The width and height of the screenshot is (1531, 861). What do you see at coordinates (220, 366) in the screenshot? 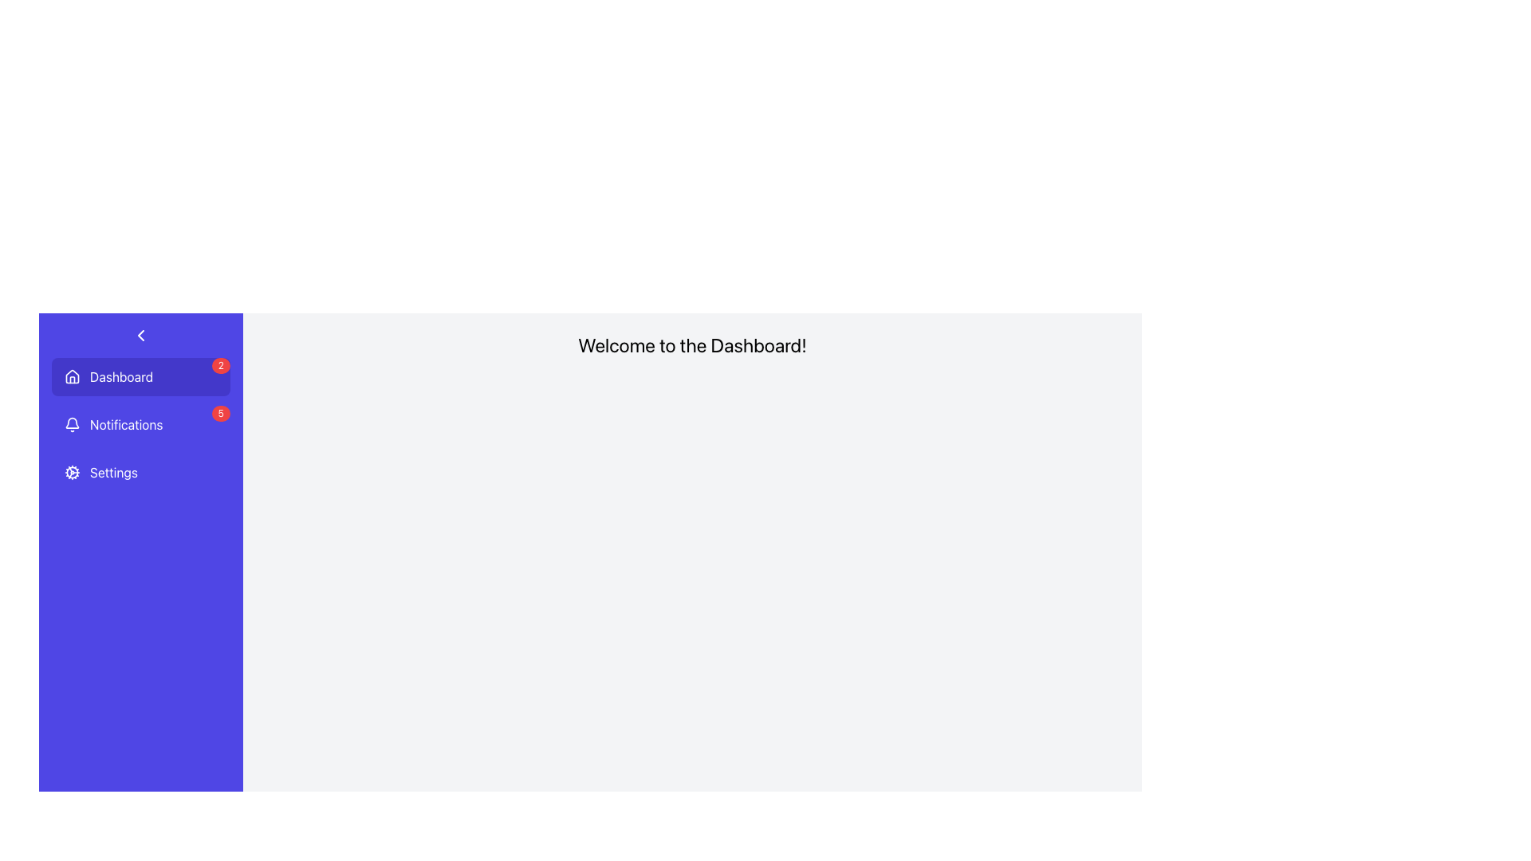
I see `the notification count displayed on the red circular badge with the digit '2' located at the top-right corner of the 'Dashboard' menu item in the sidebar` at bounding box center [220, 366].